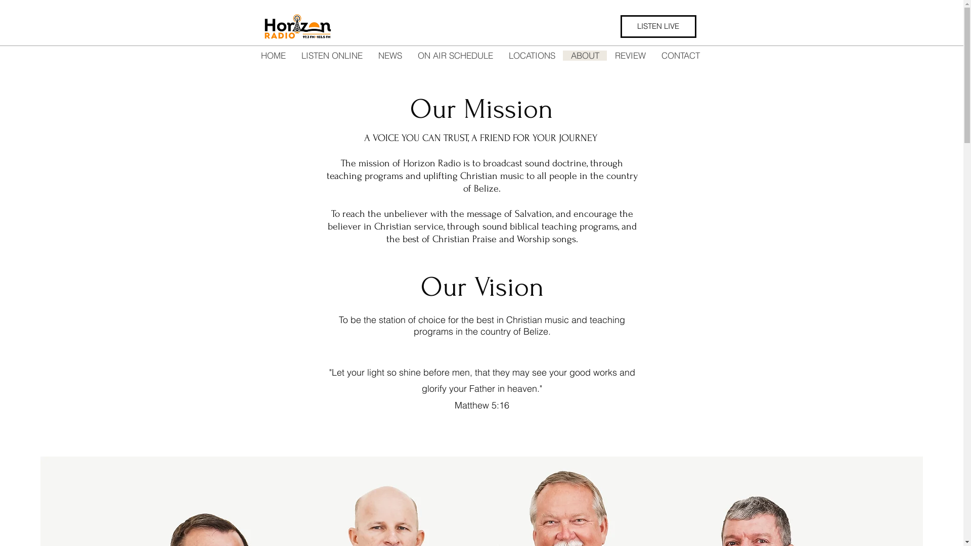  What do you see at coordinates (273, 56) in the screenshot?
I see `'HOME'` at bounding box center [273, 56].